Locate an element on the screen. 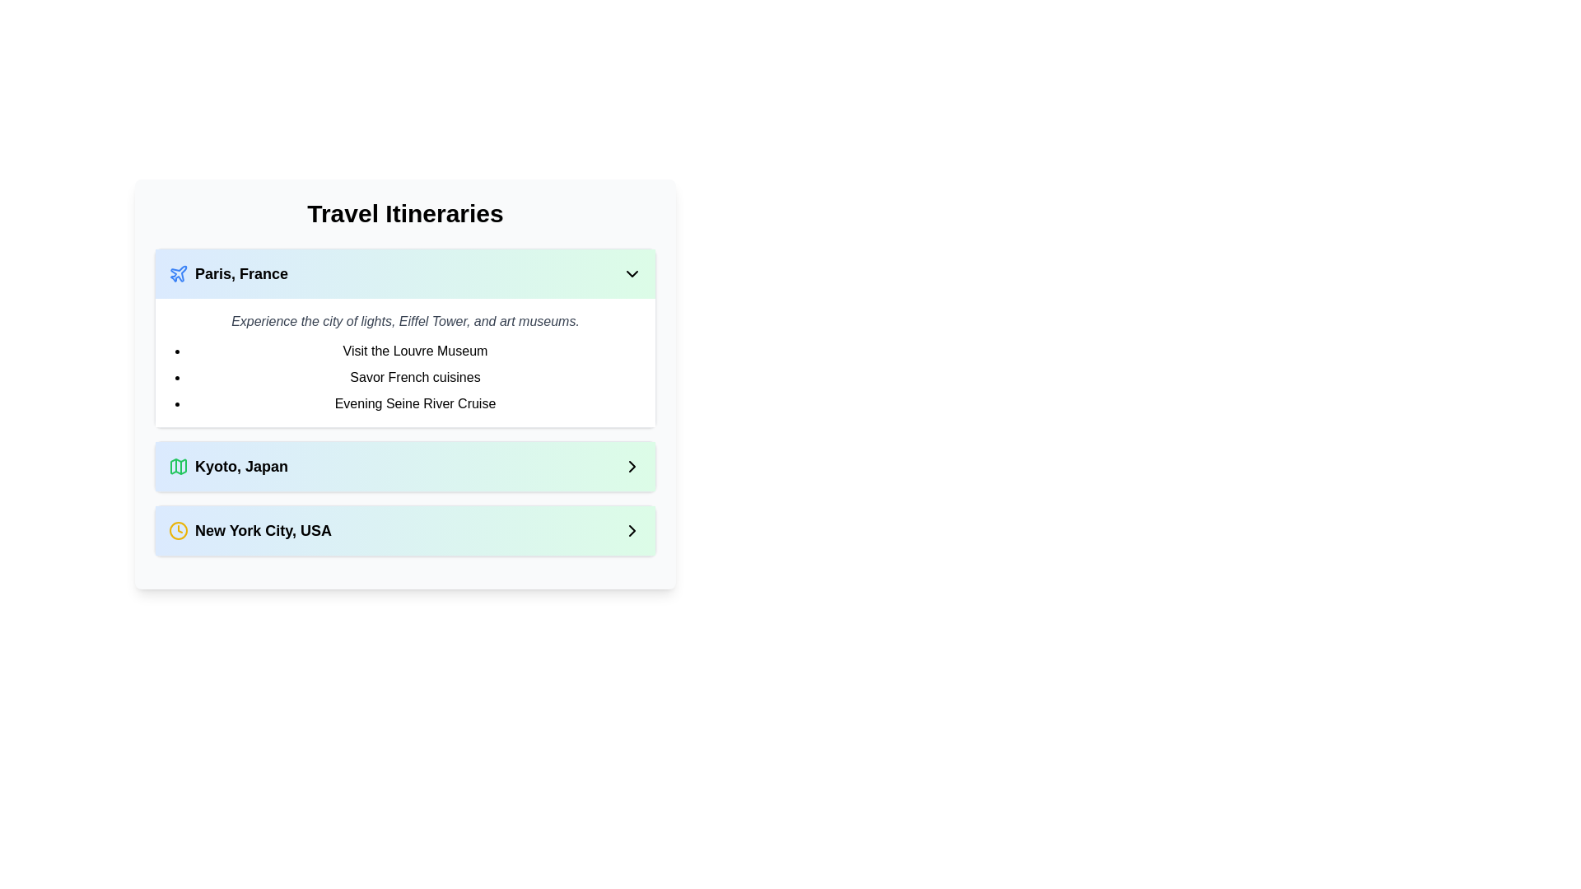  the decorative icon representing a map or navigation concept for 'Kyoto, Japan' located on the left side of the 'Travel Itineraries' interface, positioned between 'Paris, France' and 'New York City, USA' is located at coordinates (178, 467).